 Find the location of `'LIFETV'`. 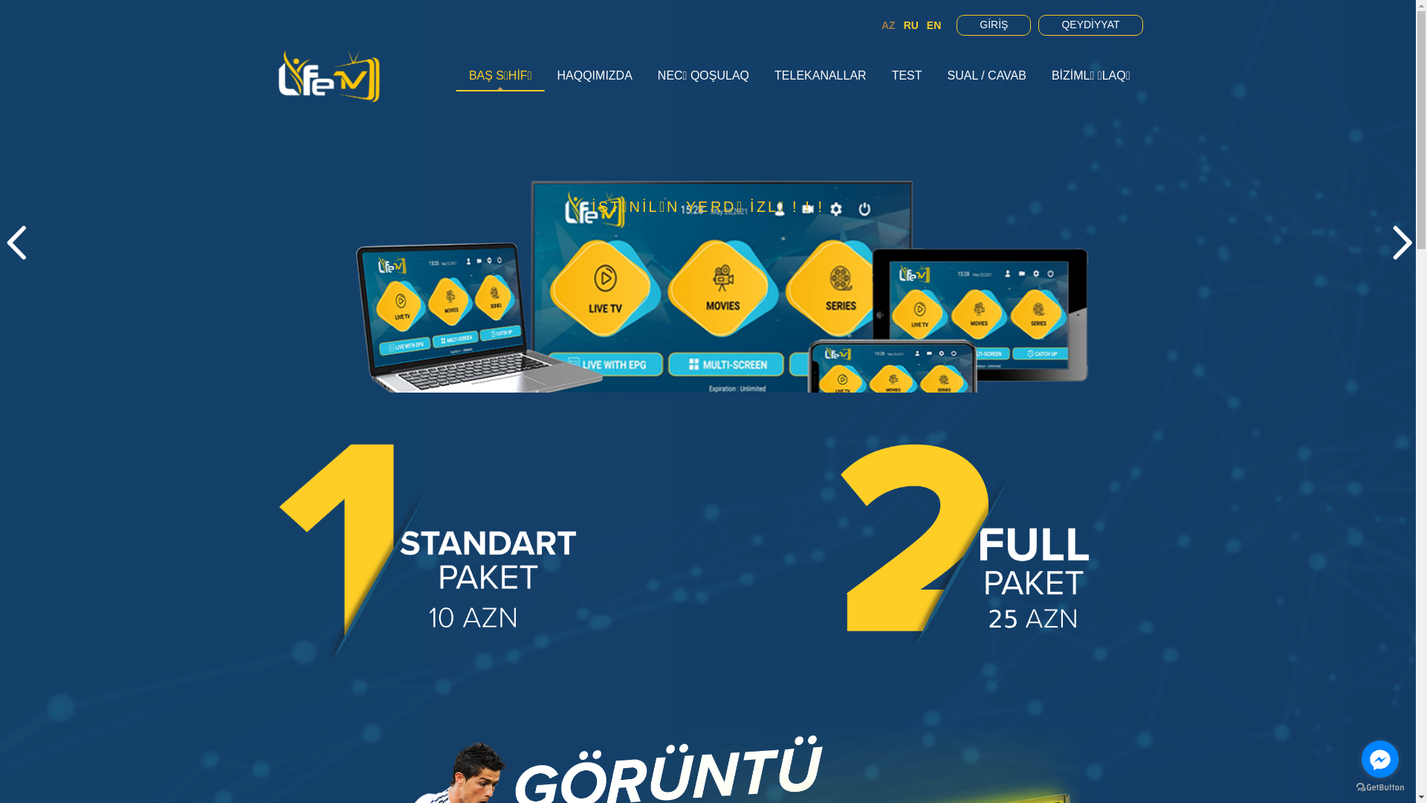

'LIFETV' is located at coordinates (328, 75).